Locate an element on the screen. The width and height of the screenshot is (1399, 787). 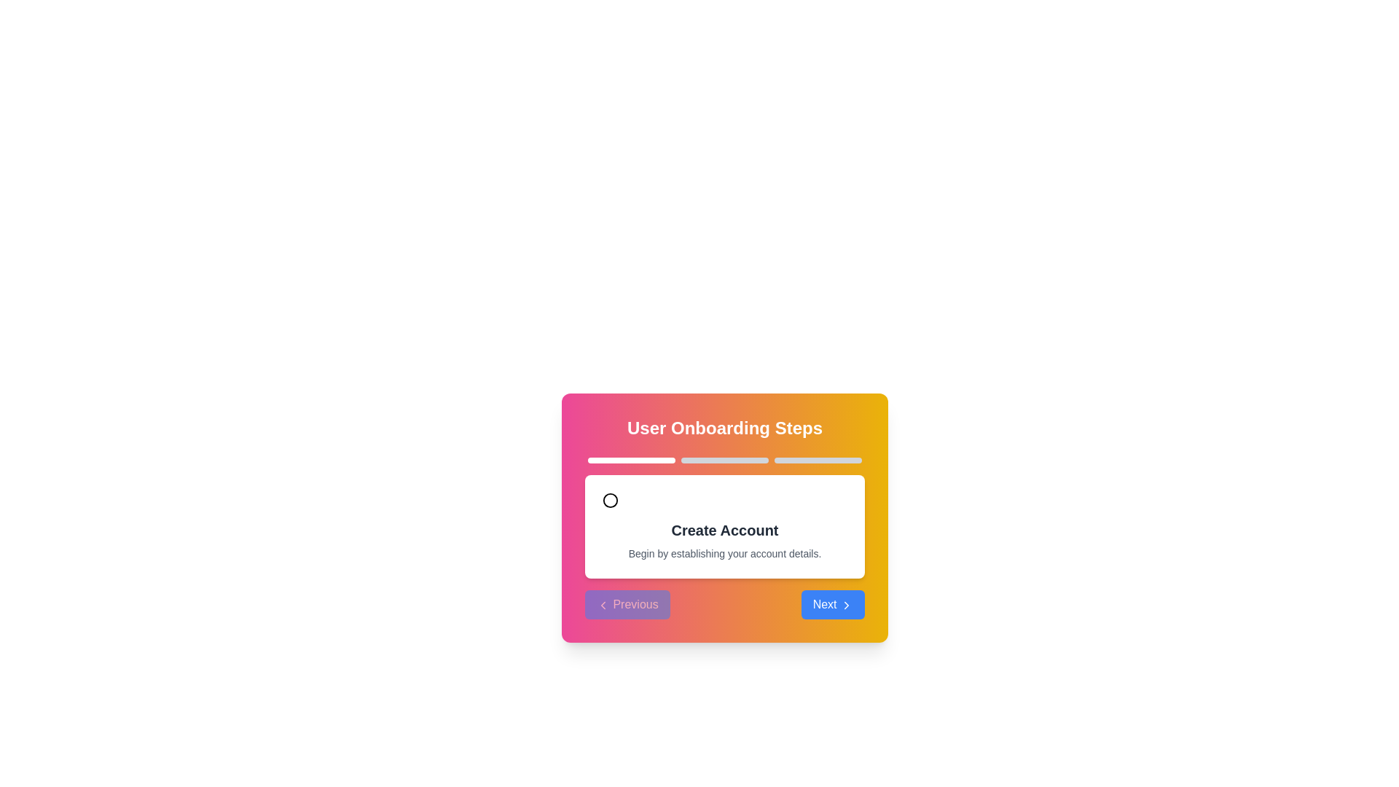
the third progress indicator bar in the onboarding process, located near the top-right of the modal, just below the heading 'User Onboarding Steps' is located at coordinates (818, 461).